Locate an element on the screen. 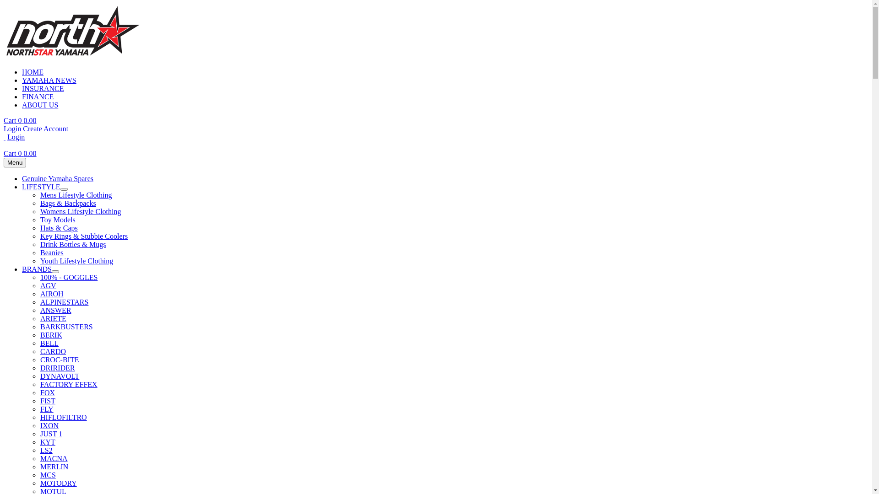 The height and width of the screenshot is (494, 879). 'ABOUT US' is located at coordinates (39, 104).